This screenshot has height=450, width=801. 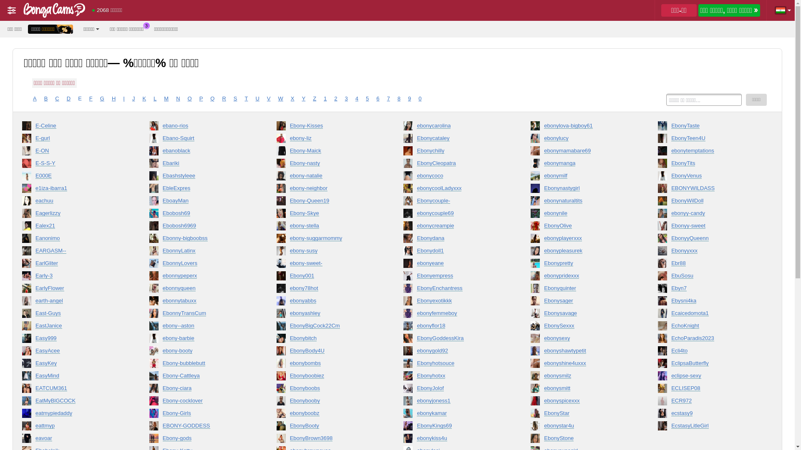 I want to click on 'J', so click(x=133, y=98).